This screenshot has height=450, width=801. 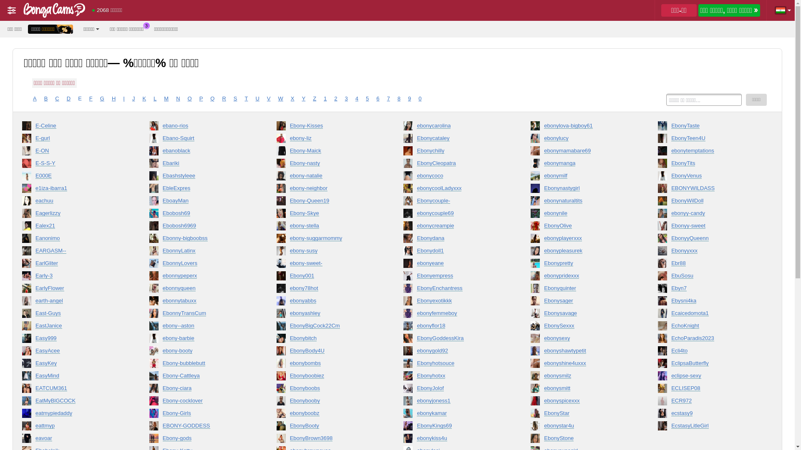 I want to click on 'J', so click(x=133, y=98).